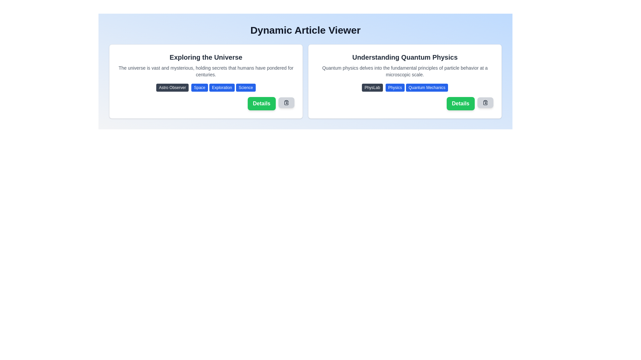 The width and height of the screenshot is (641, 360). Describe the element at coordinates (222, 87) in the screenshot. I see `the blue rectangular badge labeled 'Exploration'` at that location.